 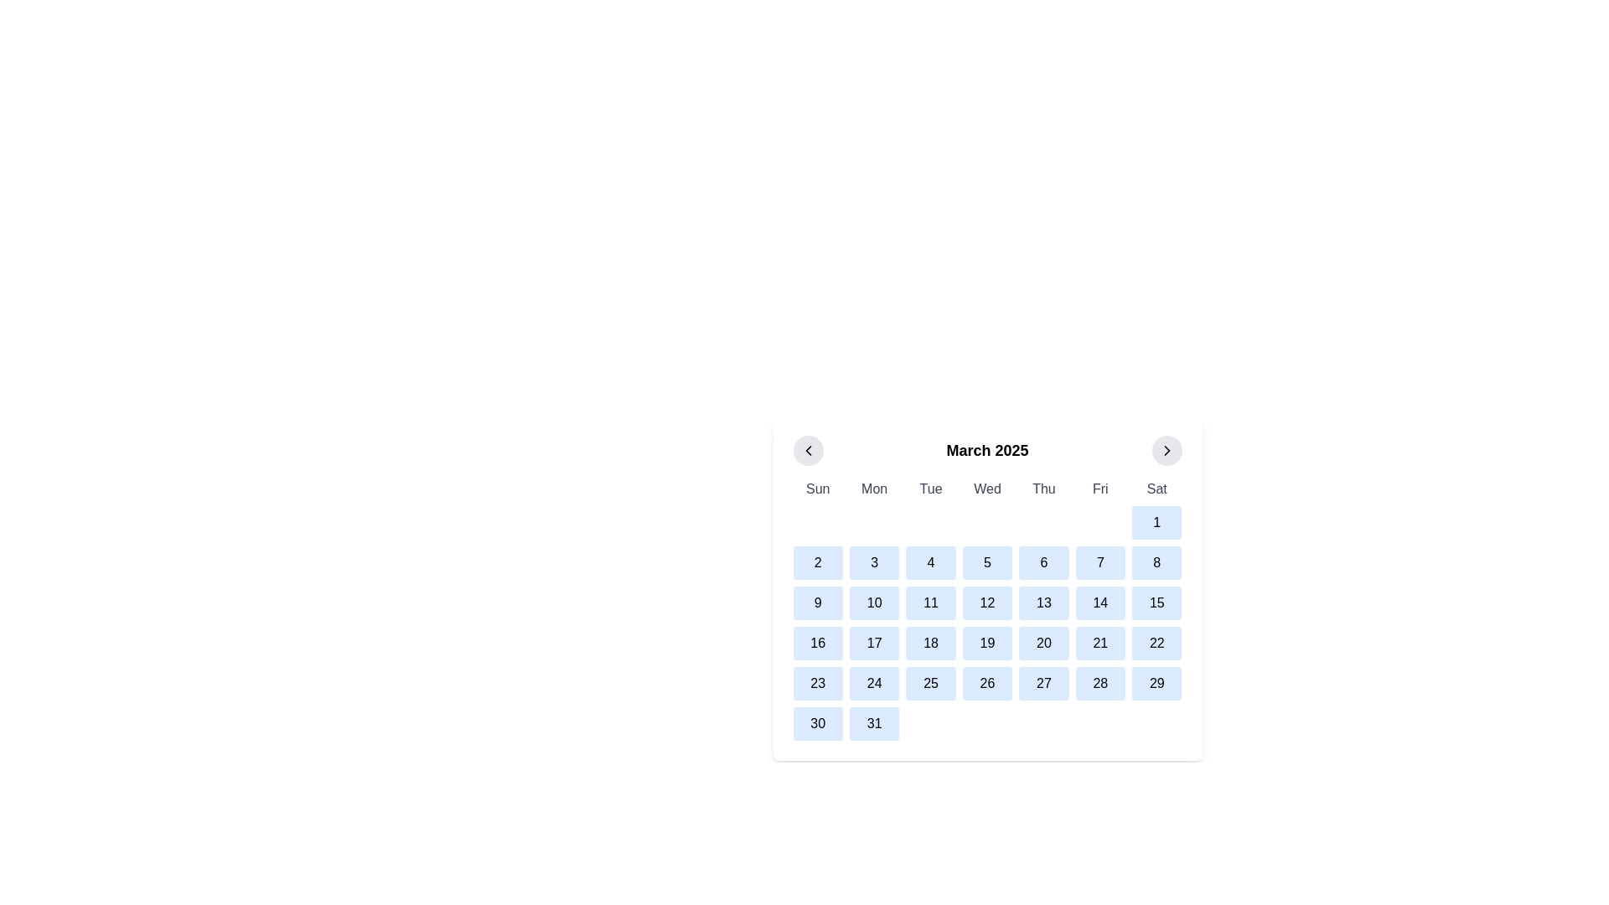 I want to click on text label indicating the day of the week (Sunday) located at the top-left of the calendar interface, so click(x=818, y=489).